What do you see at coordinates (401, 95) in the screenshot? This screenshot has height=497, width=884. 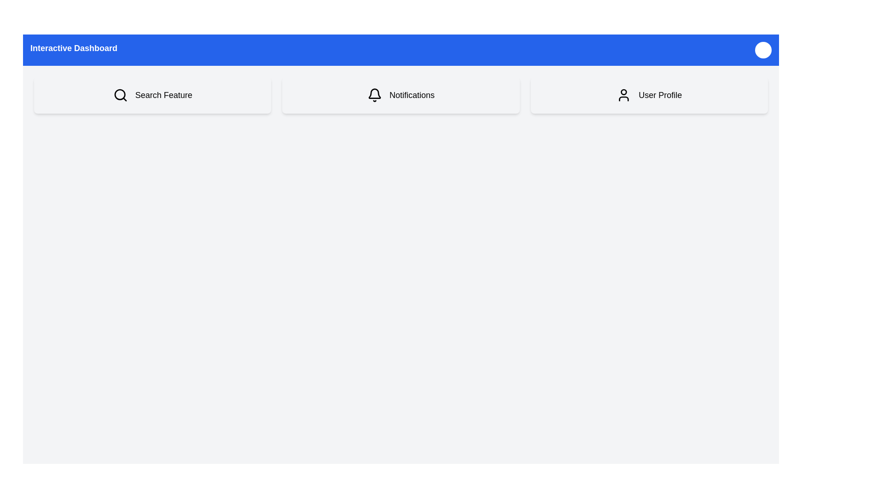 I see `the 'Notifications' button with a bell icon` at bounding box center [401, 95].